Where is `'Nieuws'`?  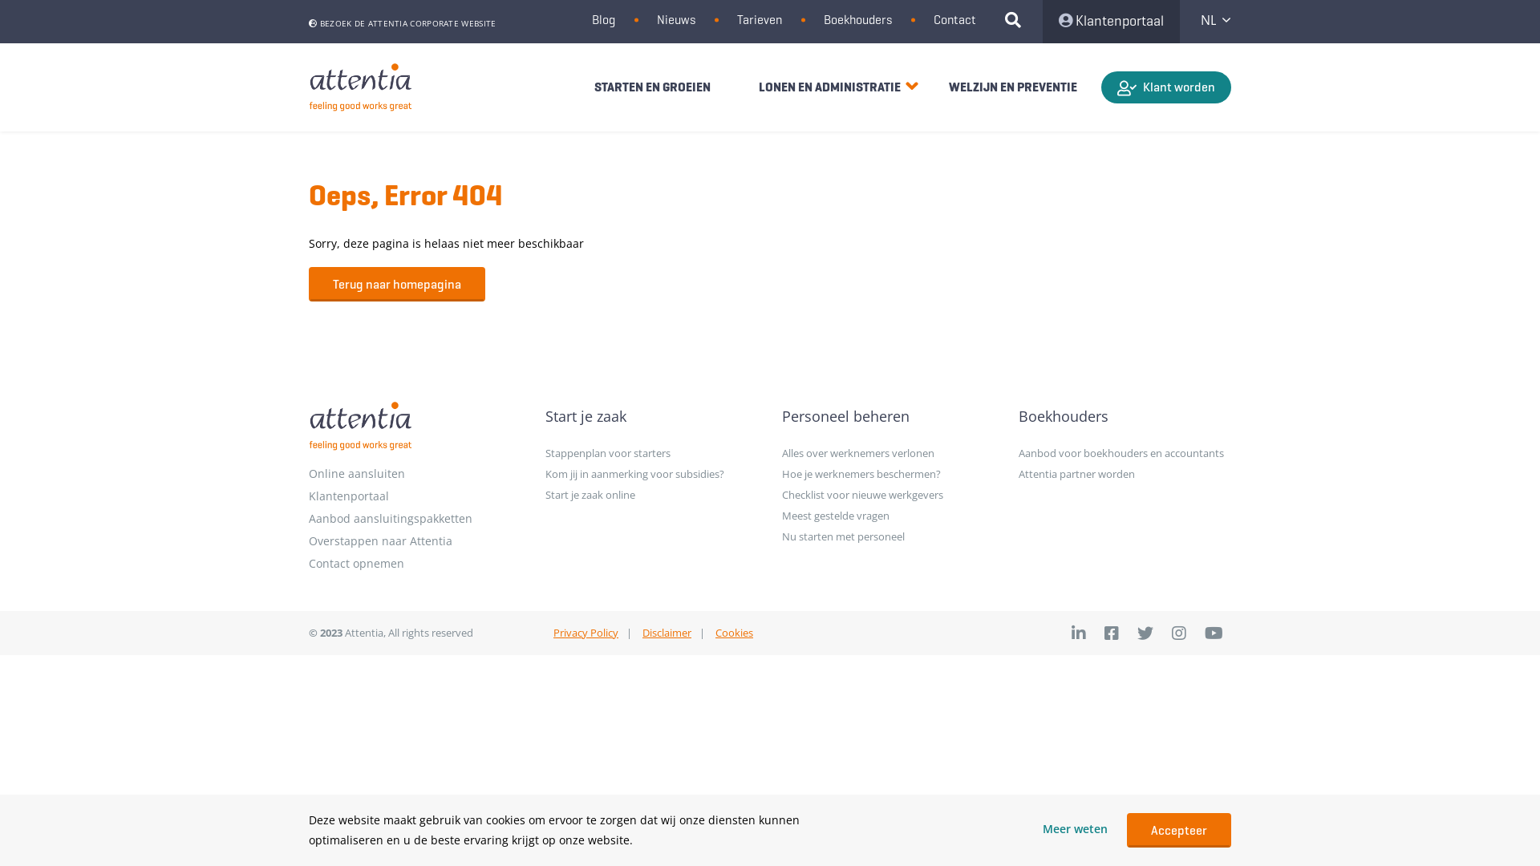
'Nieuws' is located at coordinates (676, 19).